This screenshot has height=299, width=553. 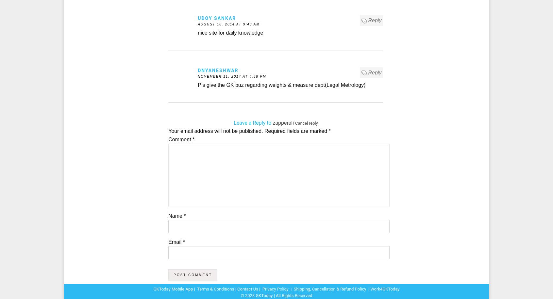 I want to click on 'Work4GKToday', so click(x=370, y=289).